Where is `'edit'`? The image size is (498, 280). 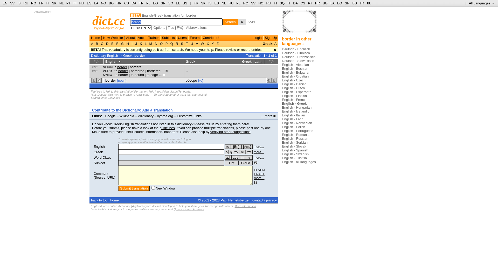
'edit' is located at coordinates (95, 71).